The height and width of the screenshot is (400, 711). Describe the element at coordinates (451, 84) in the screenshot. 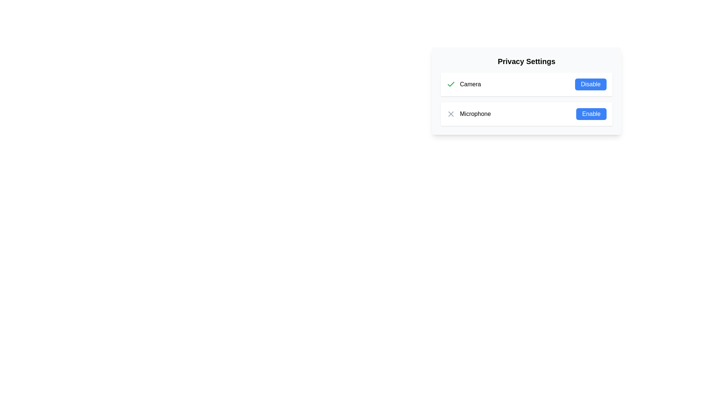

I see `the positive status icon indicating approval for the 'Camera' label in the 'Privacy Settings' panel` at that location.